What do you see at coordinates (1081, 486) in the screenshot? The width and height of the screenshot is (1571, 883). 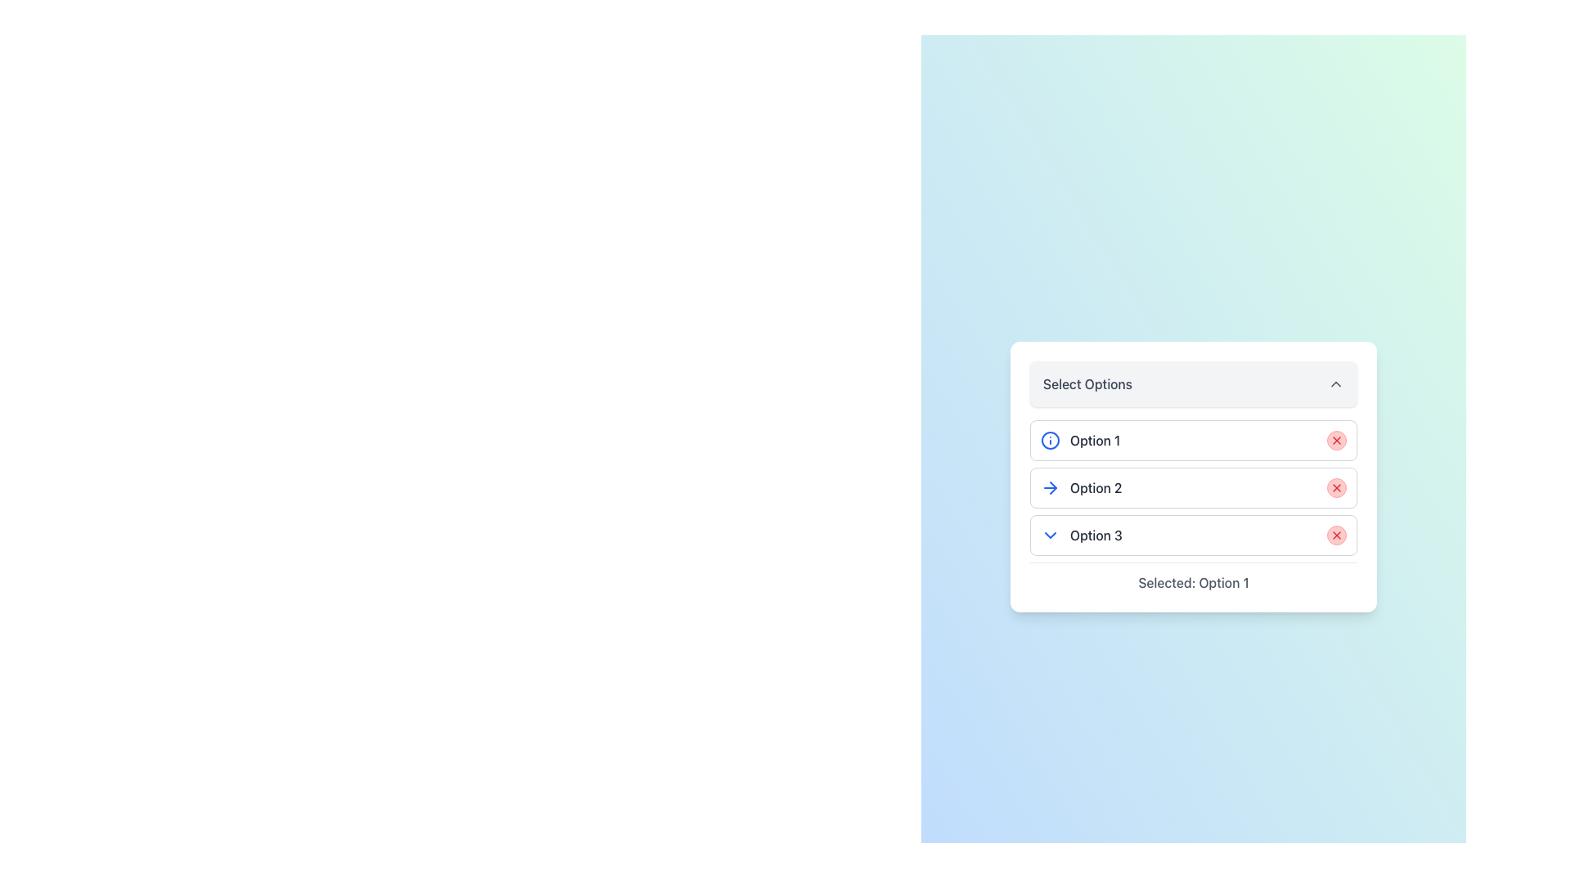 I see `the 'Option 2' list item which has a text label and a blue arrow icon pointing to the right` at bounding box center [1081, 486].